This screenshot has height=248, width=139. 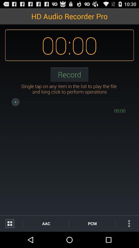 What do you see at coordinates (69, 74) in the screenshot?
I see `record icon` at bounding box center [69, 74].